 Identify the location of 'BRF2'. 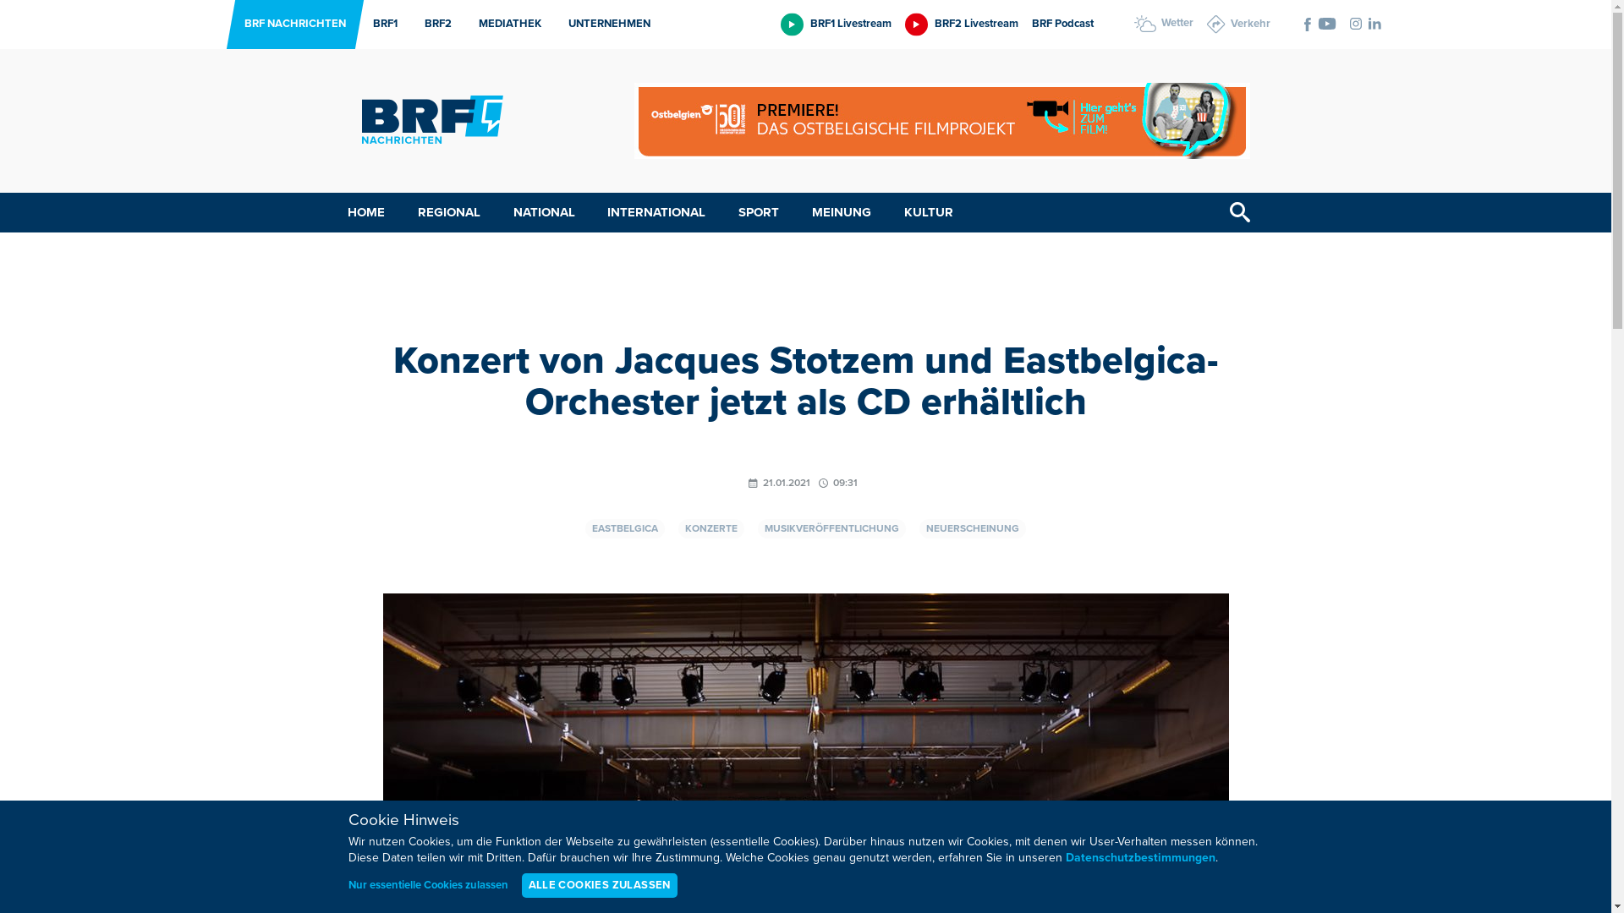
(406, 25).